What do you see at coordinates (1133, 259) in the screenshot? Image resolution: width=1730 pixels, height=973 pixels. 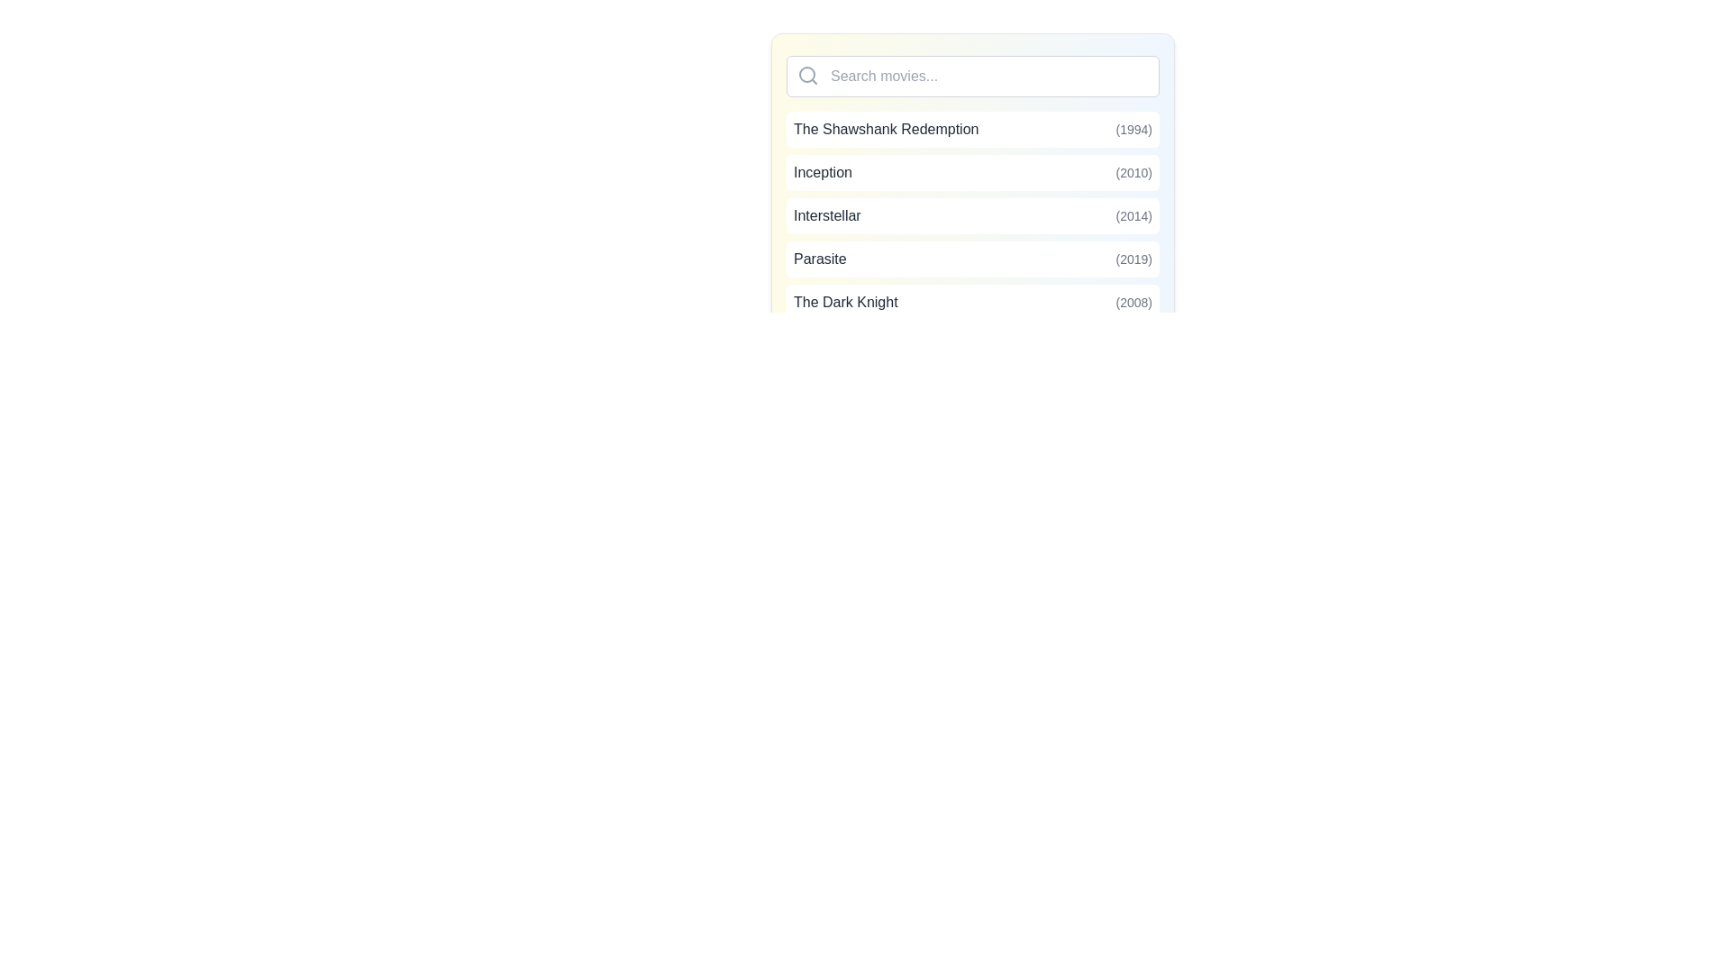 I see `the text label that shows the release year of the movie 'Parasite', which is located to the right of the 'Parasite' text in its row` at bounding box center [1133, 259].